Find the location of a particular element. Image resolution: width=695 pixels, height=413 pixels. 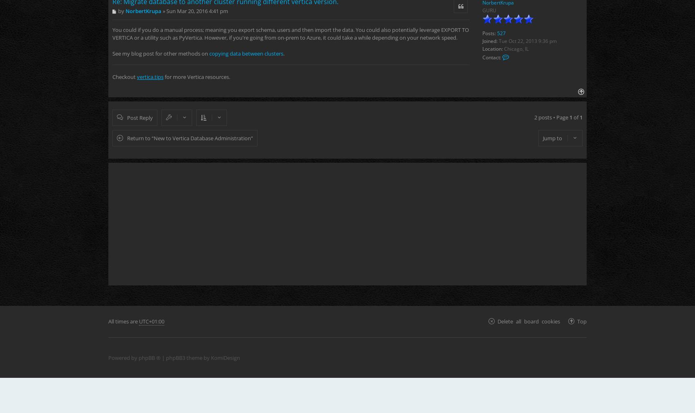

'Location:' is located at coordinates (492, 48).